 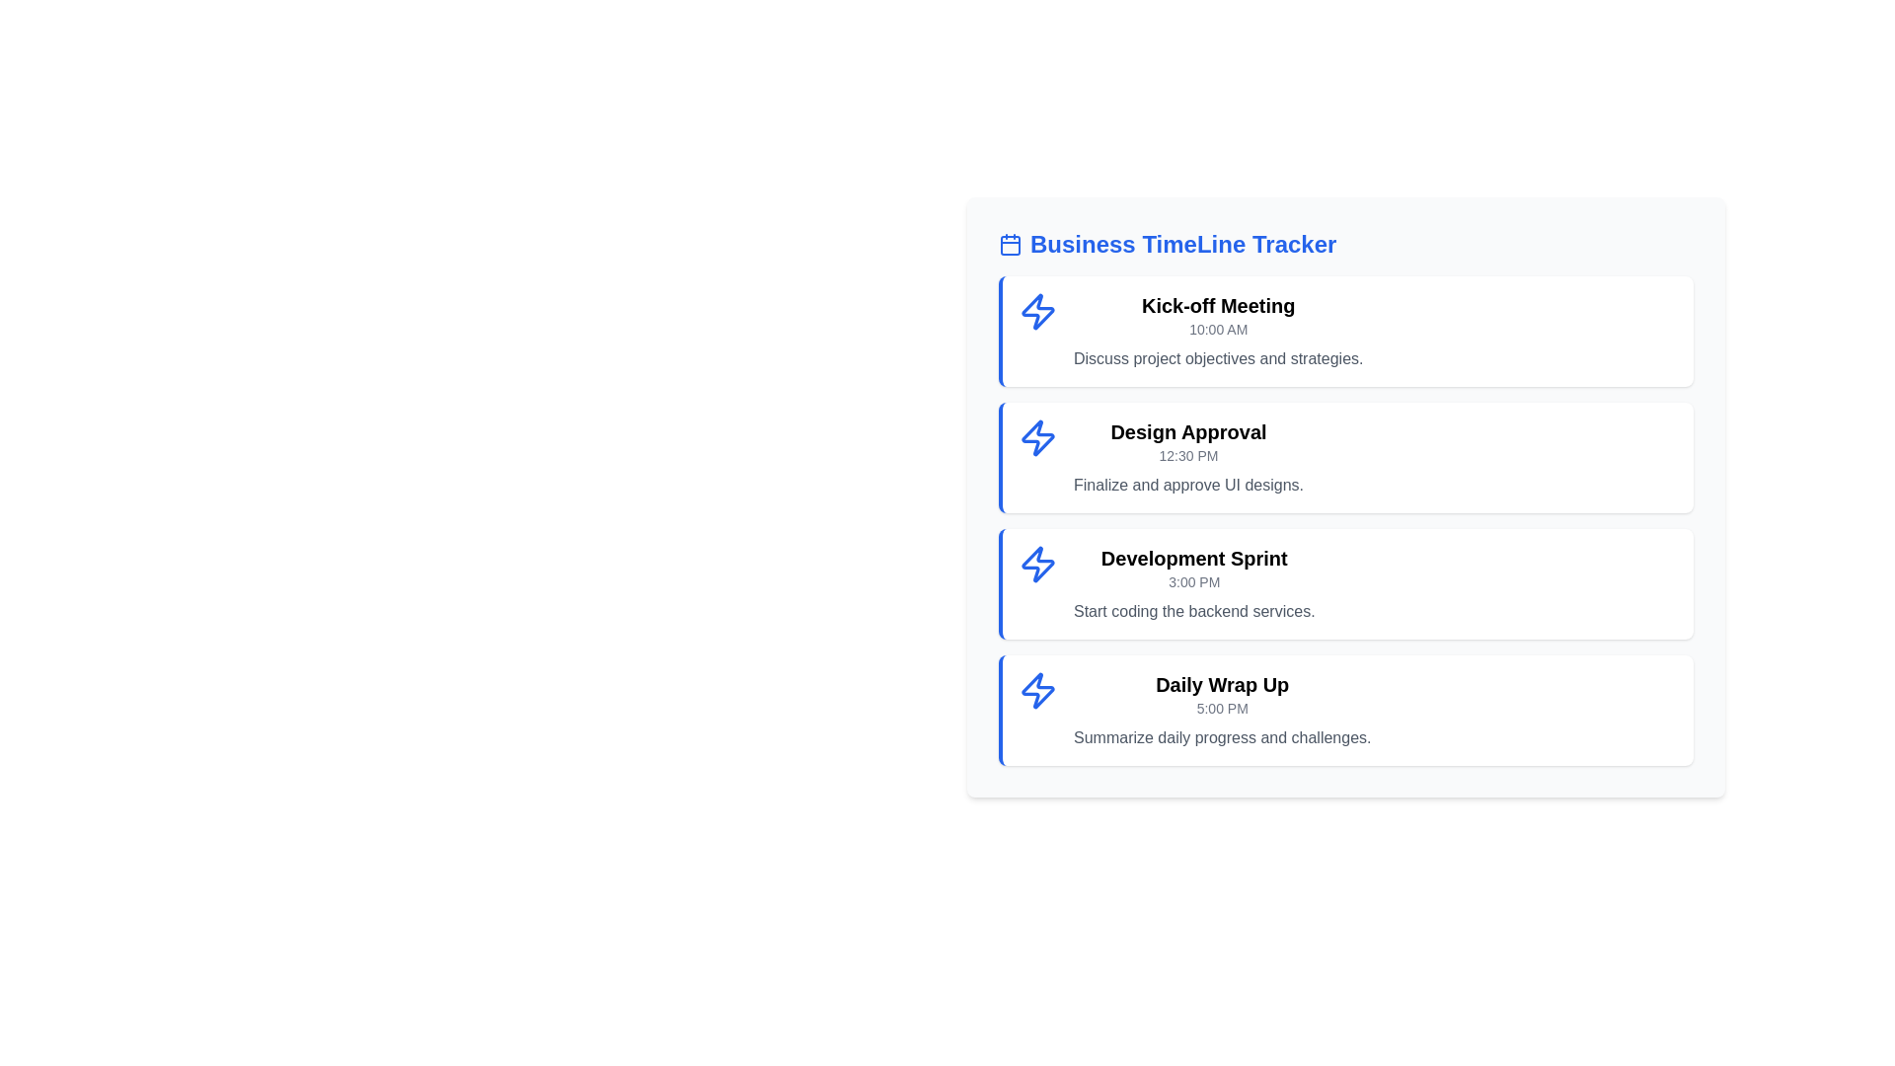 I want to click on information displayed on the first event card that shows the meeting title, time, and summary, located at the top of the list, so click(x=1344, y=330).